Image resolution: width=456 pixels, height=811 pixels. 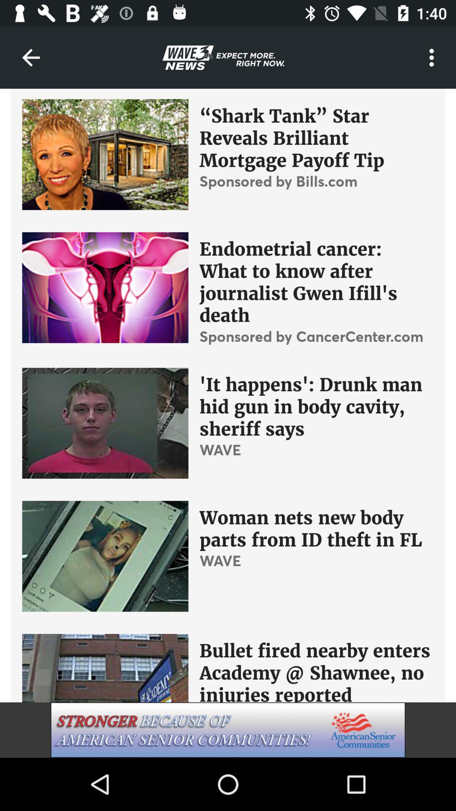 What do you see at coordinates (228, 729) in the screenshot?
I see `advertisement banner` at bounding box center [228, 729].